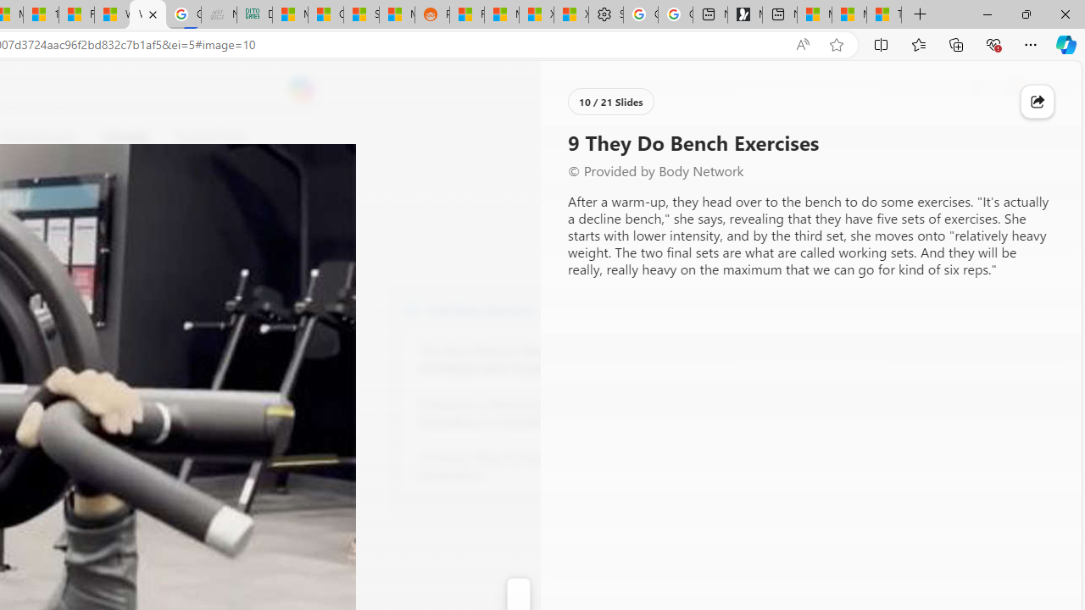 Image resolution: width=1085 pixels, height=610 pixels. I want to click on 'Go to publisher', so click(153, 218).